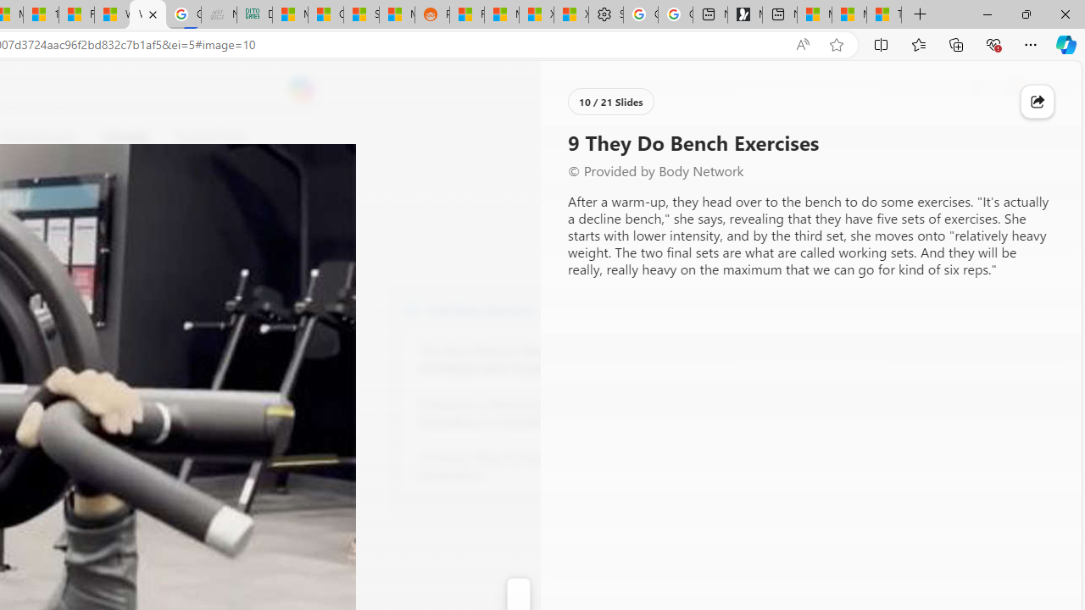 Image resolution: width=1085 pixels, height=610 pixels. I want to click on 'Go to publisher', so click(153, 218).